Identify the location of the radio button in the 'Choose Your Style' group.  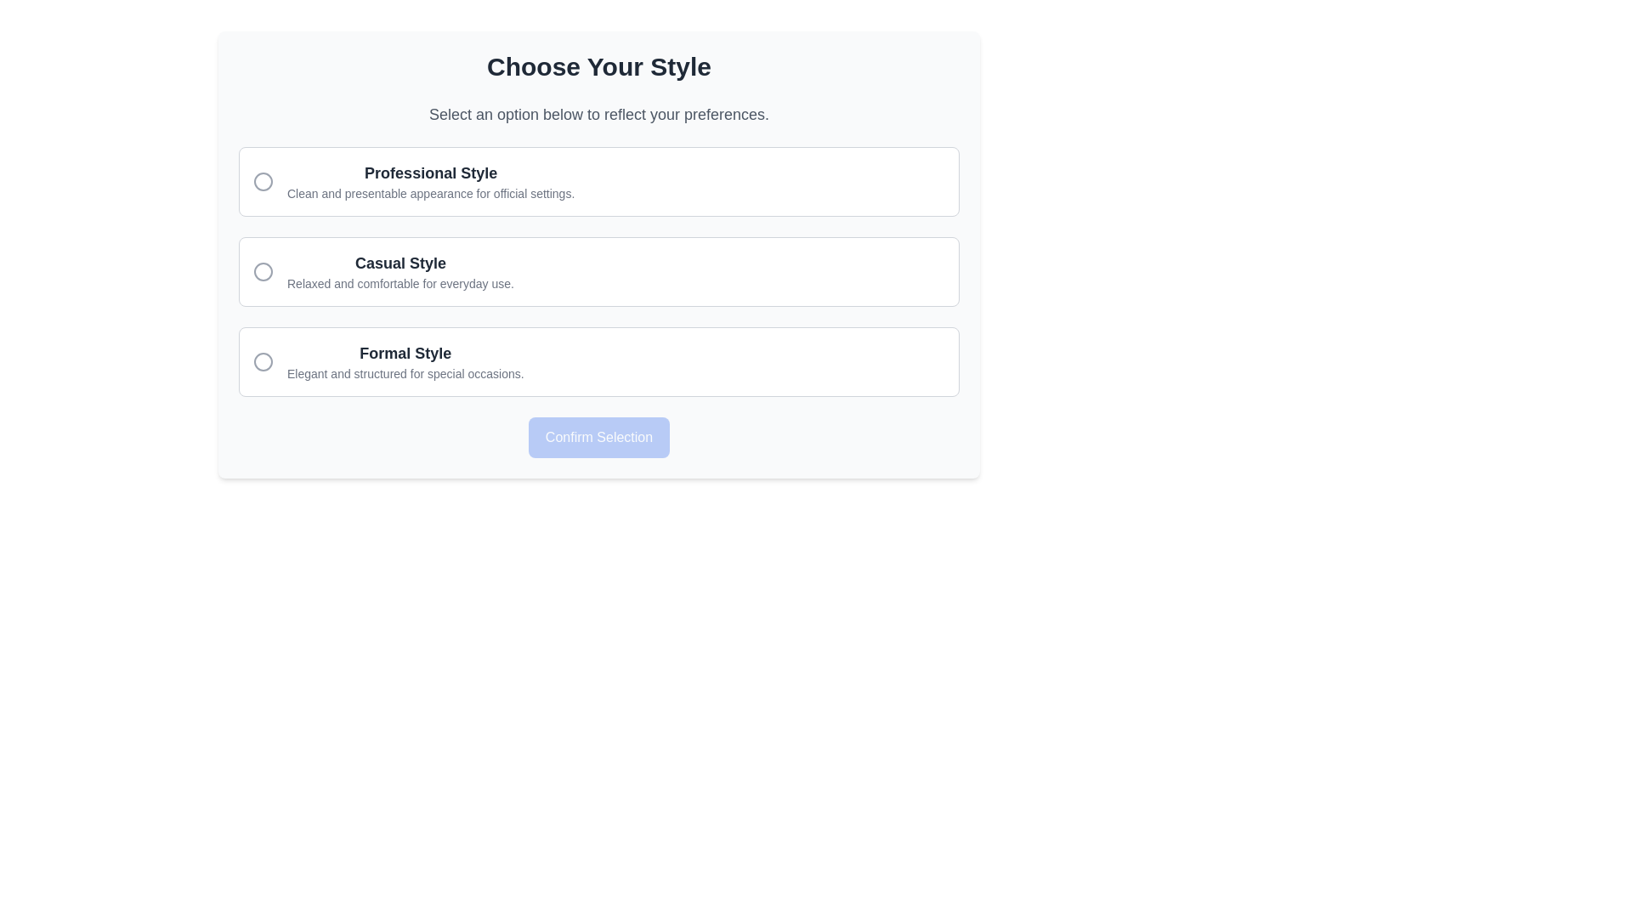
(599, 271).